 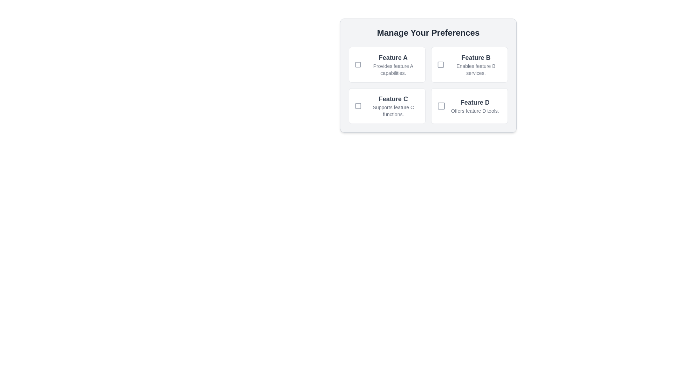 What do you see at coordinates (358, 106) in the screenshot?
I see `the checkbox labeled 'Feature C' in the lower-left option of the grid under 'Manage Your Preferences'` at bounding box center [358, 106].